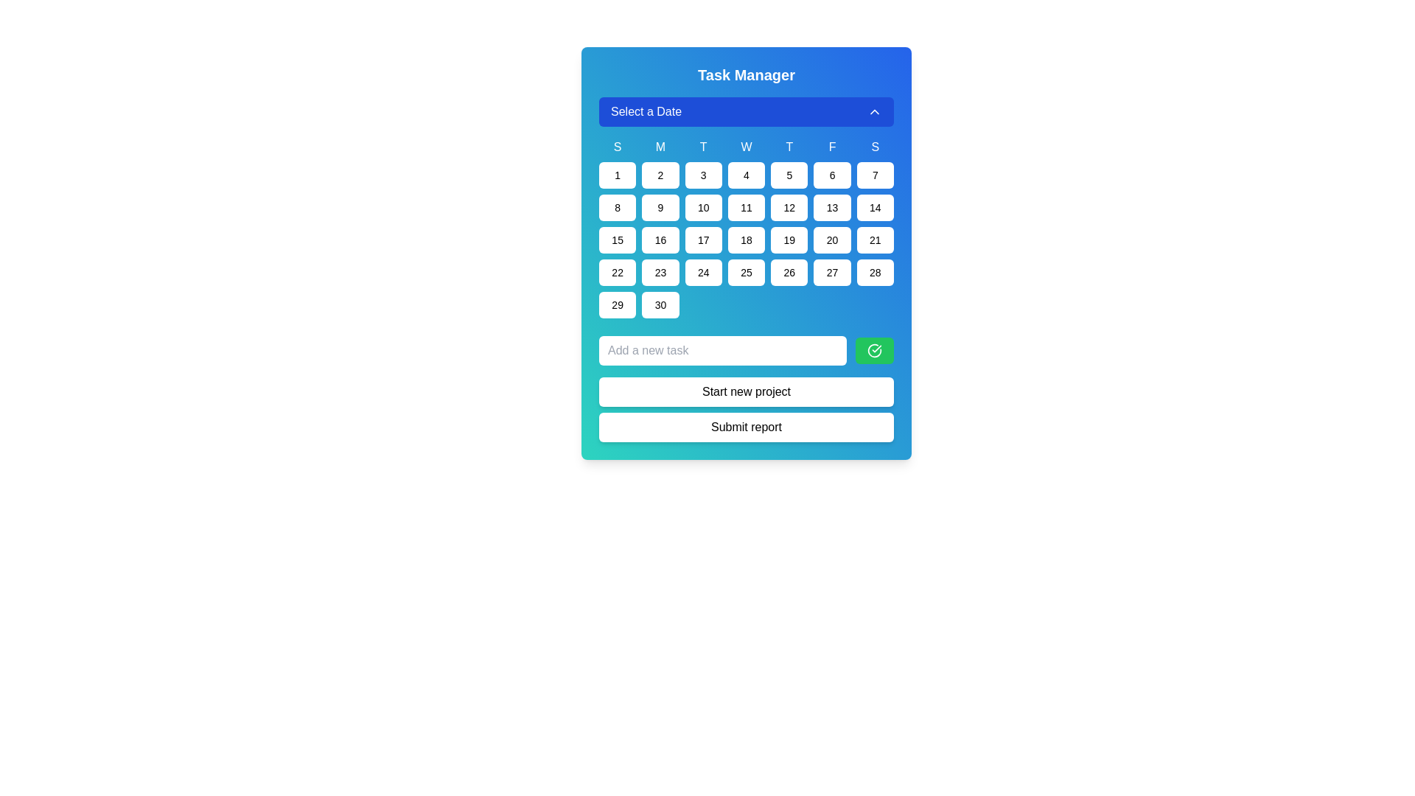 The image size is (1415, 796). What do you see at coordinates (702, 147) in the screenshot?
I see `the text label displaying a capitalized 'T' in white font, which is the third element in a horizontal list at the top of a grid layout, situated between 'M' and 'W'` at bounding box center [702, 147].